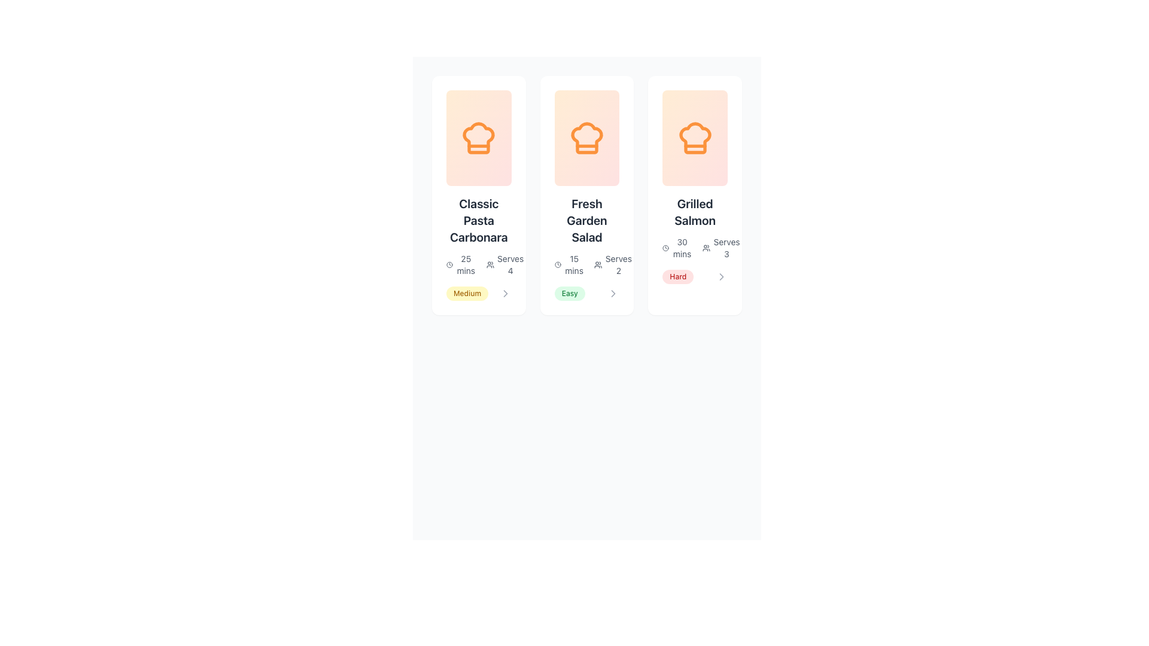 Image resolution: width=1149 pixels, height=646 pixels. I want to click on the chef hat icon with an orange outline located at the top center of the first card, which features a light gradient background and is above the 'Classic Pasta Carbonara' text, so click(479, 138).